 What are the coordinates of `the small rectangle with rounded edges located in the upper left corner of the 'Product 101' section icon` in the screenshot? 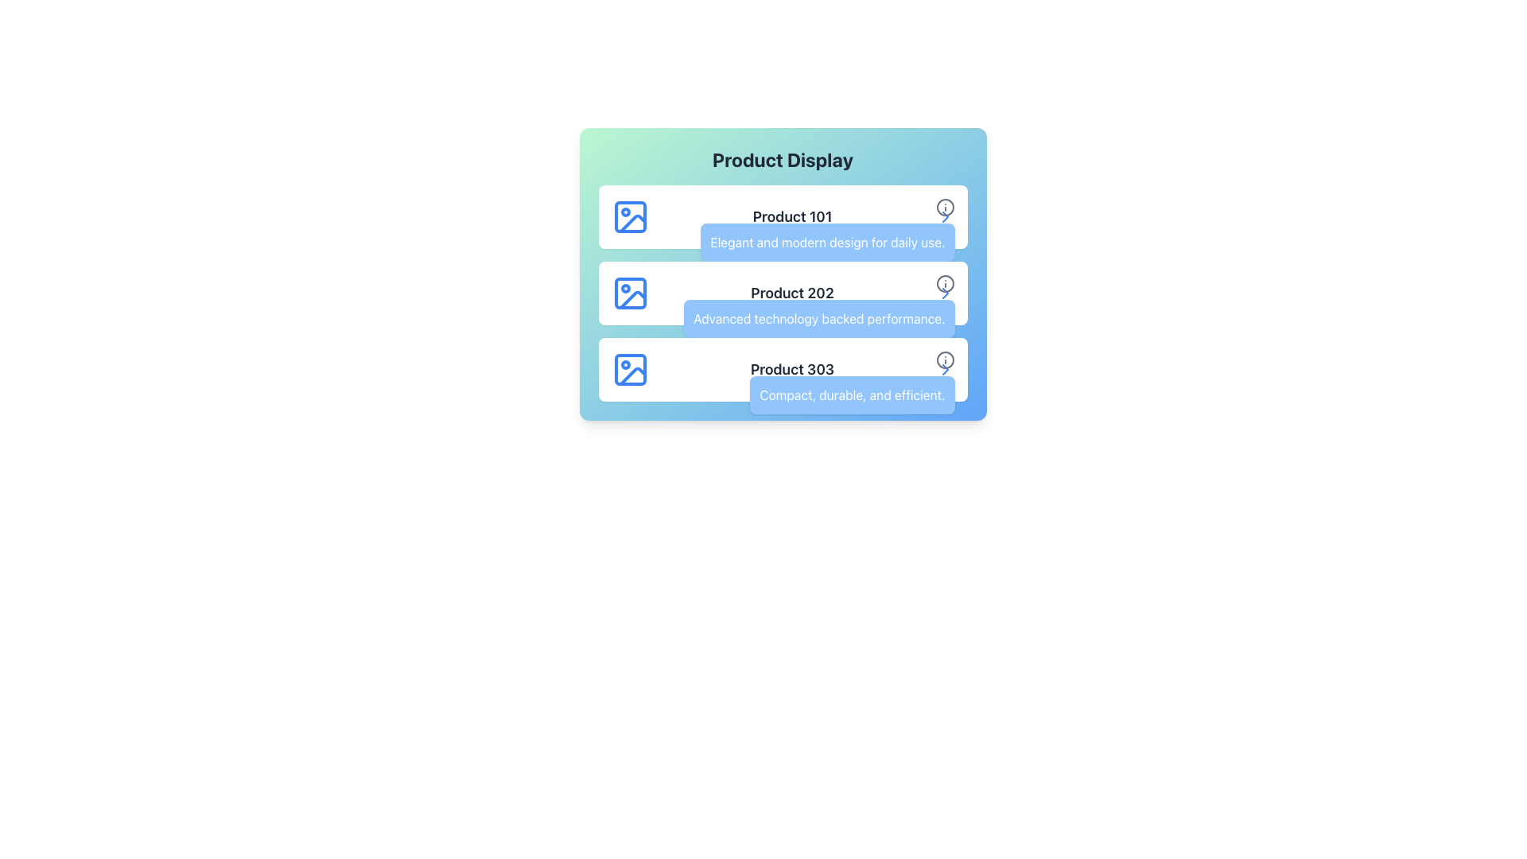 It's located at (629, 217).